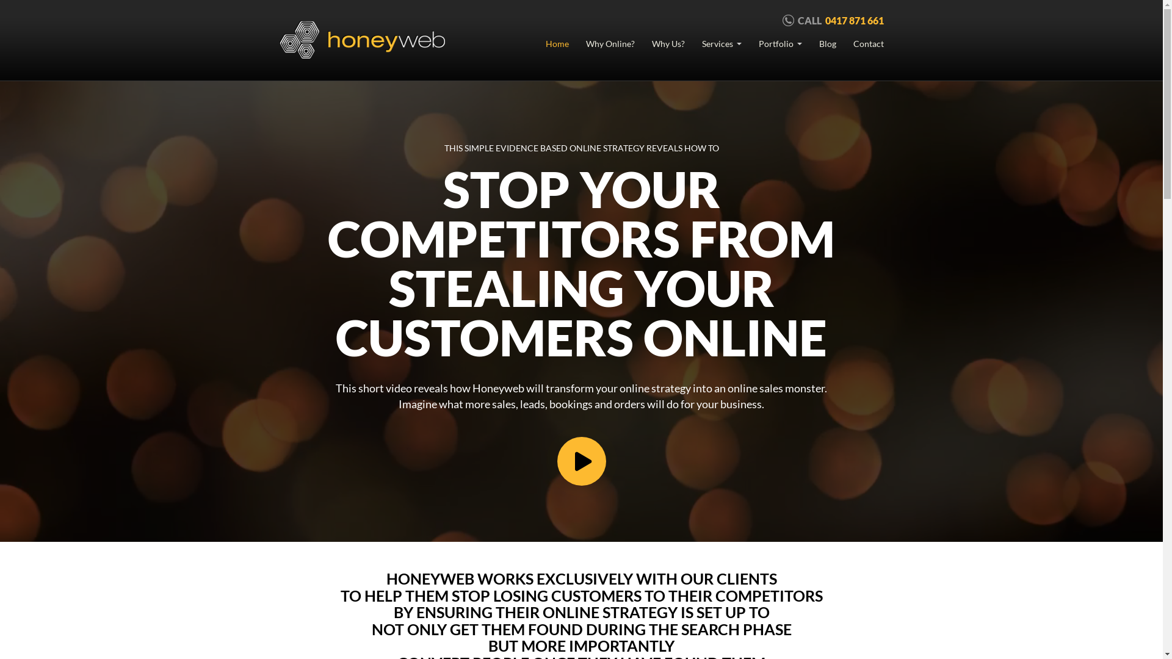  What do you see at coordinates (556, 43) in the screenshot?
I see `'Home'` at bounding box center [556, 43].